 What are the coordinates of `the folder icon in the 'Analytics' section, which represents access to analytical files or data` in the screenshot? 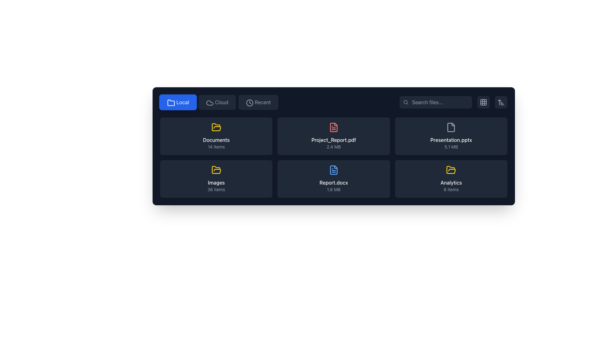 It's located at (451, 170).